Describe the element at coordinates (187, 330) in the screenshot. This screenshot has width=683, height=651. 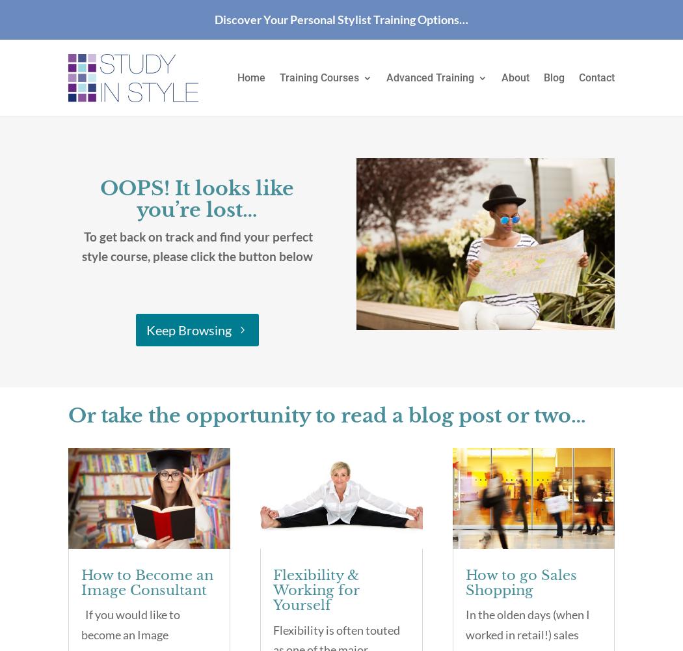
I see `'Keep Browsing'` at that location.